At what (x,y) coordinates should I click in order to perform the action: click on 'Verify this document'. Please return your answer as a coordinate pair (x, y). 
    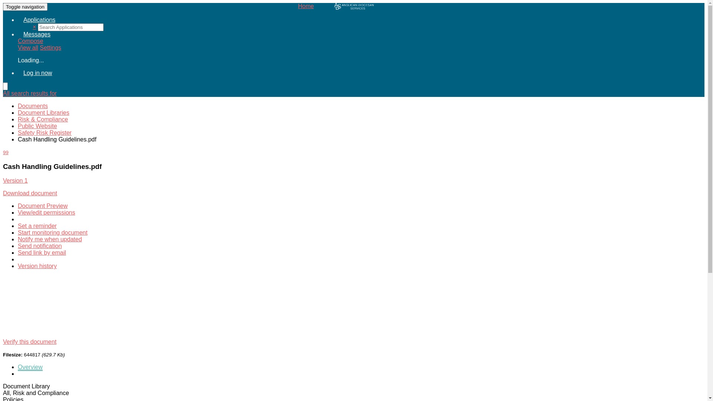
    Looking at the image, I should click on (30, 342).